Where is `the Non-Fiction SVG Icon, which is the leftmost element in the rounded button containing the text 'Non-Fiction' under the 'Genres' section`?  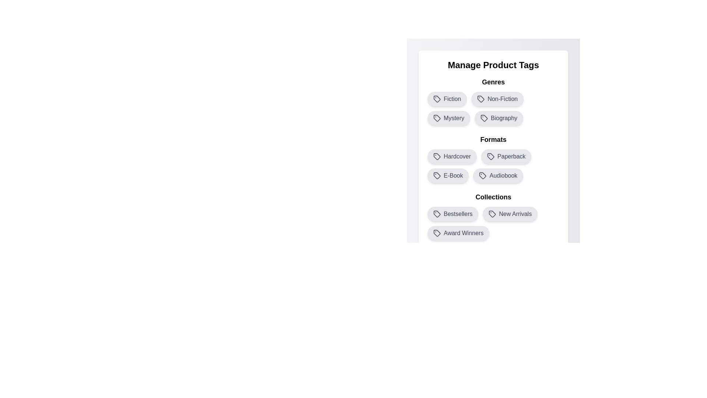 the Non-Fiction SVG Icon, which is the leftmost element in the rounded button containing the text 'Non-Fiction' under the 'Genres' section is located at coordinates (481, 99).